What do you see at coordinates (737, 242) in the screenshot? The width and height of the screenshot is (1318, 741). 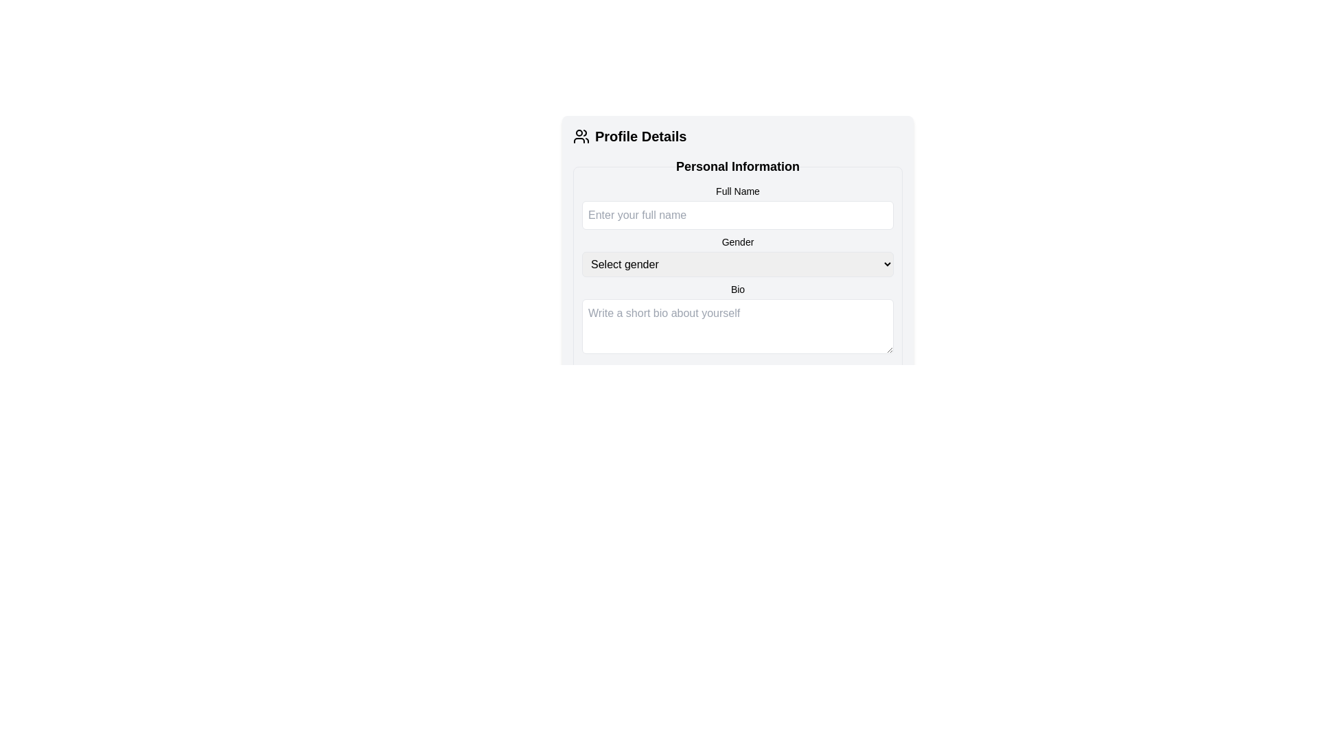 I see `the 'Gender' text label, which is styled in bold black font and positioned above the 'Select gender' dropdown in the 'Profile Details' form` at bounding box center [737, 242].